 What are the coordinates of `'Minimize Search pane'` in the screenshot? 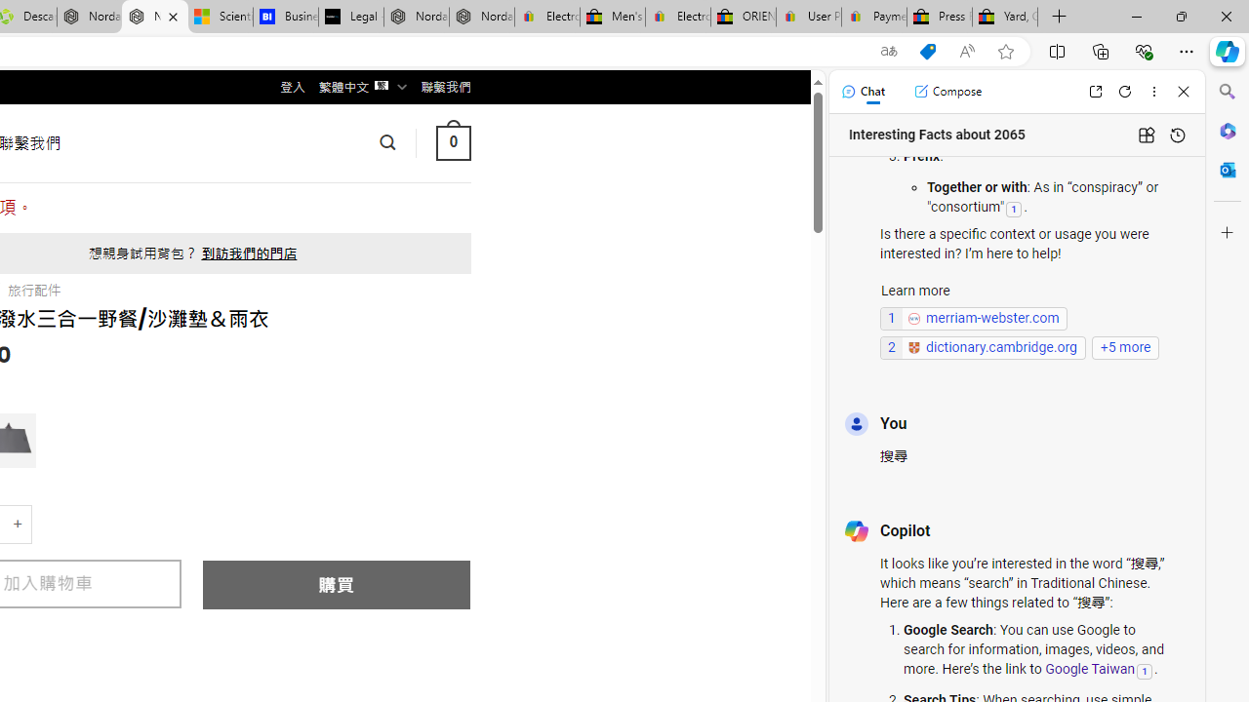 It's located at (1227, 92).